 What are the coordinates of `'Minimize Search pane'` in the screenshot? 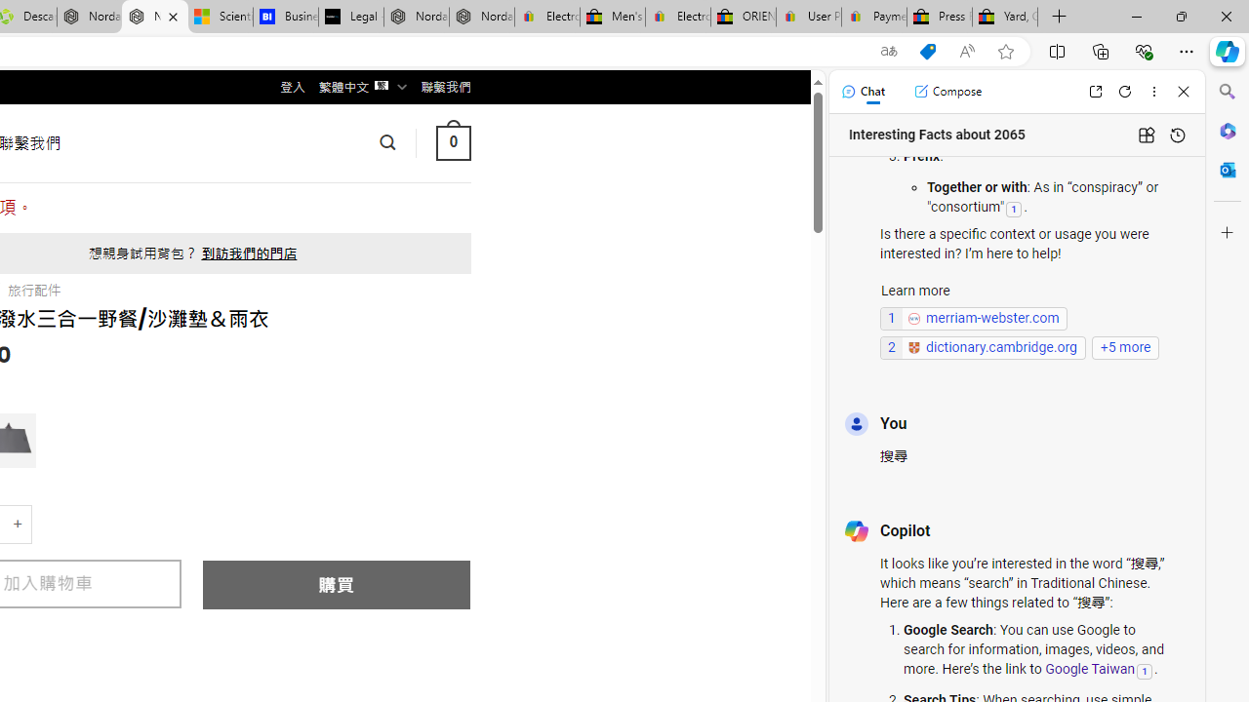 It's located at (1227, 92).